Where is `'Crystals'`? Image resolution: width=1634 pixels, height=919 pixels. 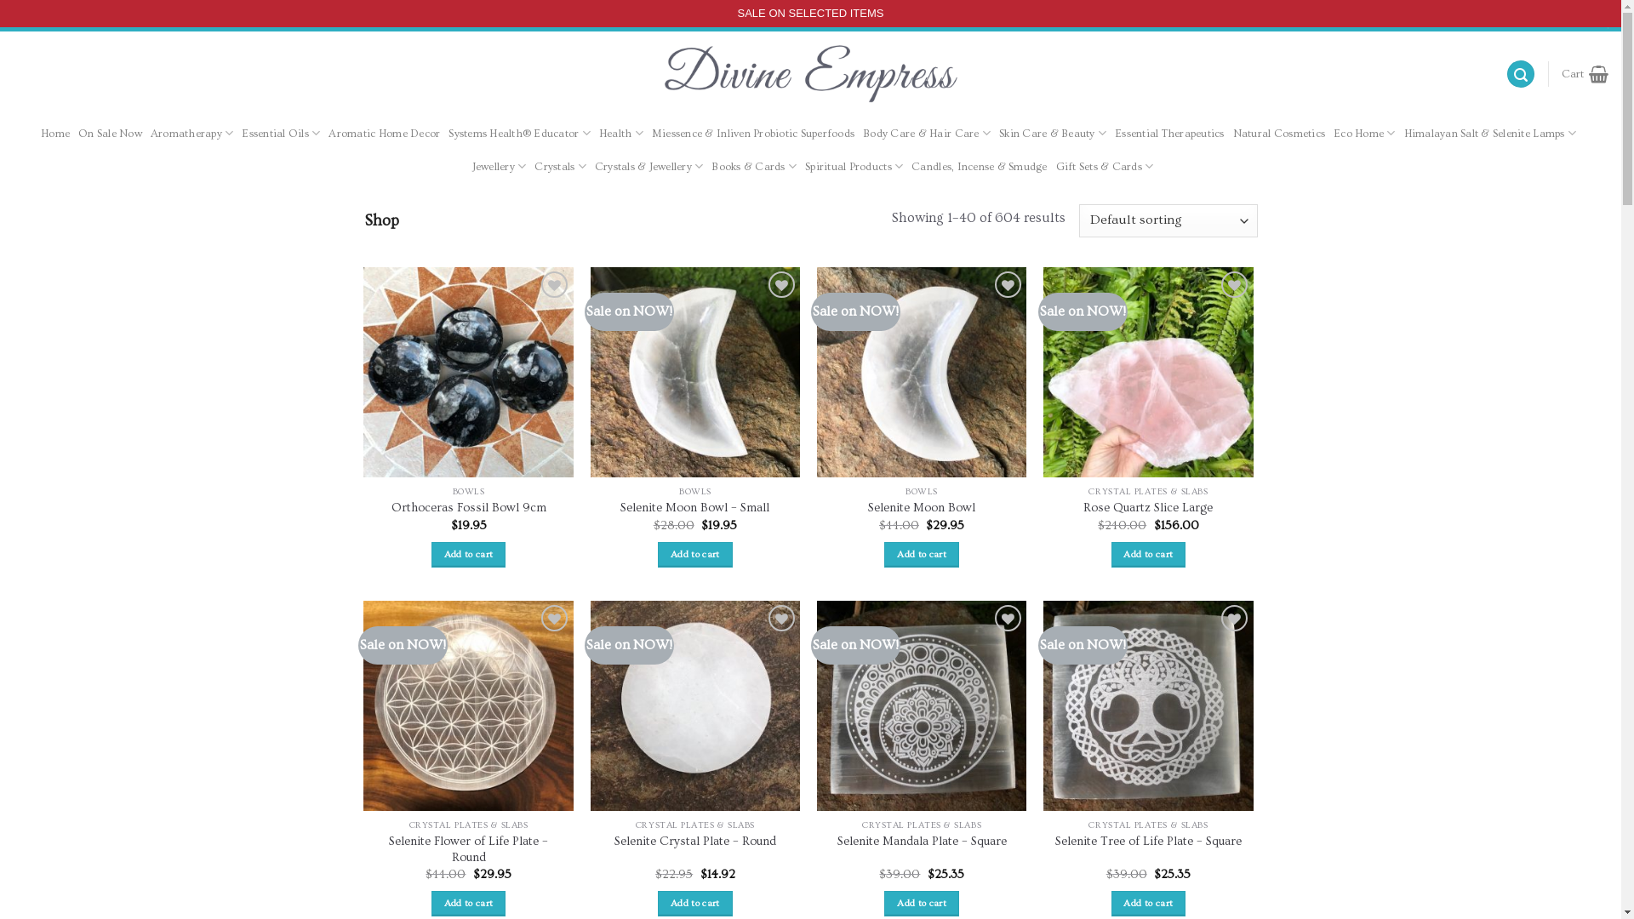
'Crystals' is located at coordinates (560, 166).